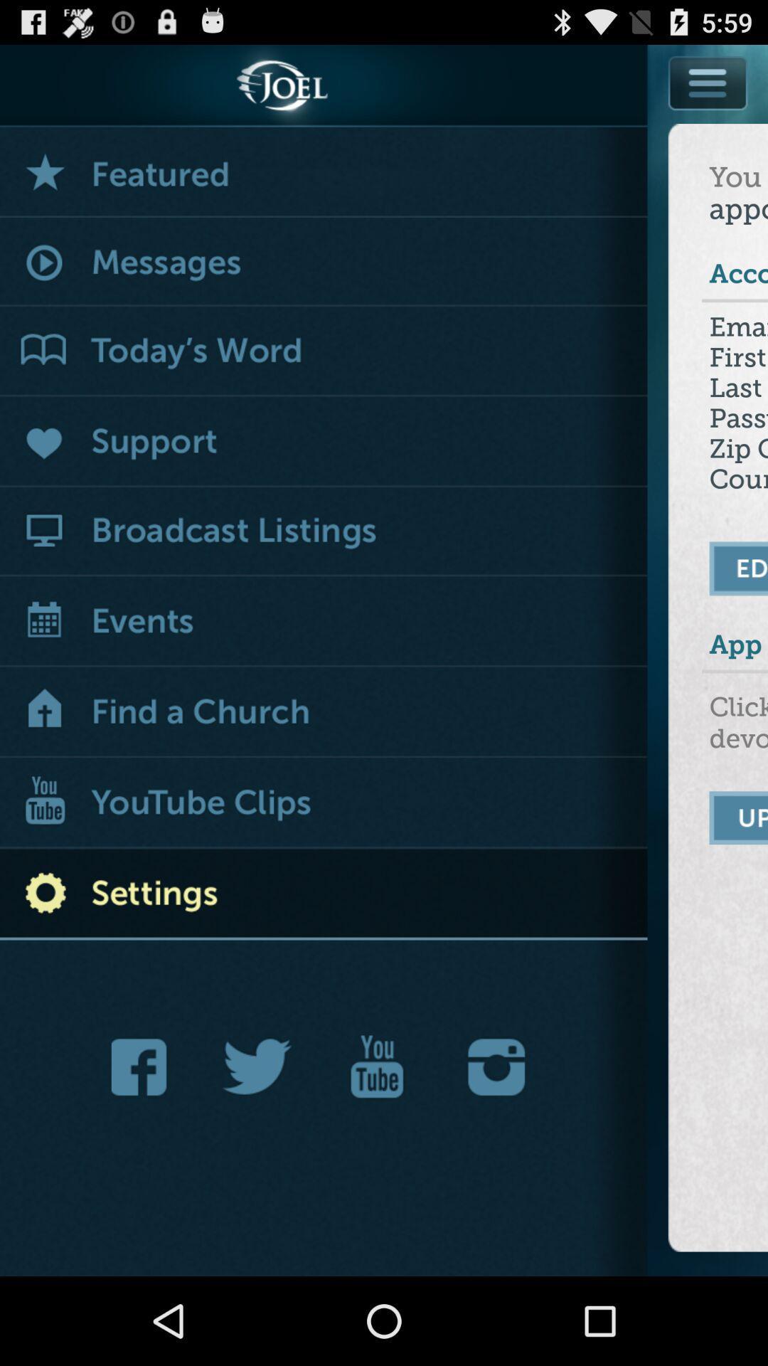 The height and width of the screenshot is (1366, 768). What do you see at coordinates (324, 171) in the screenshot?
I see `featured` at bounding box center [324, 171].